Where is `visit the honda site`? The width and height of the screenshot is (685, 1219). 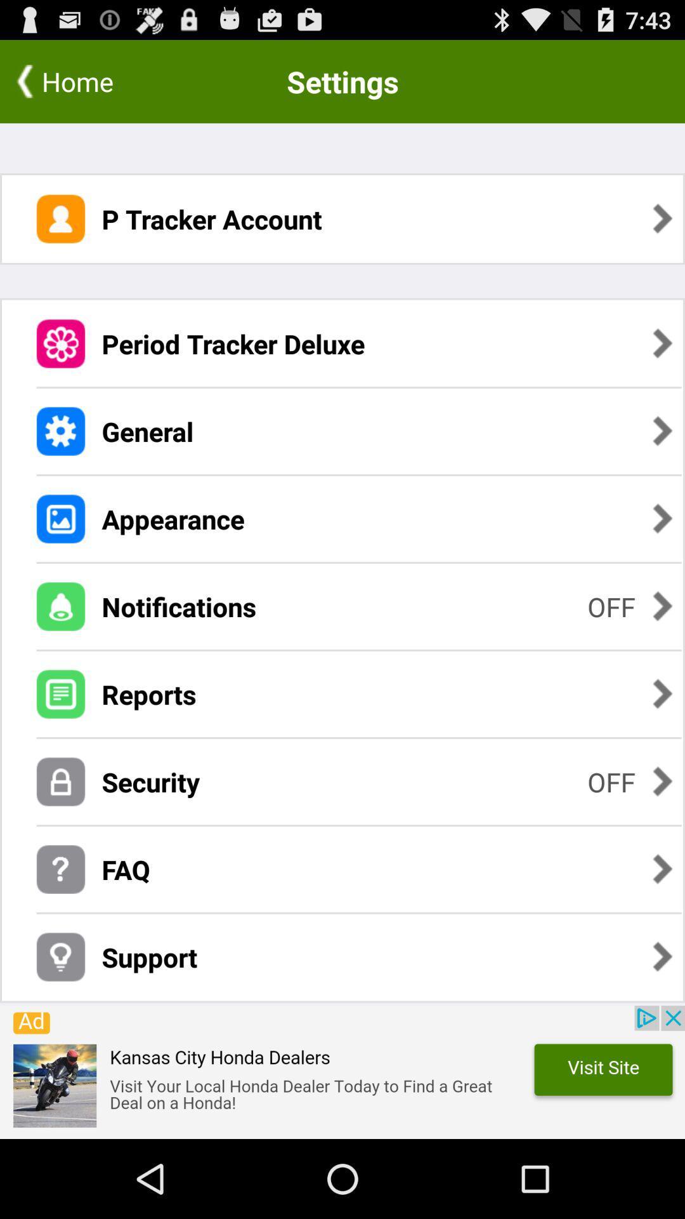
visit the honda site is located at coordinates (342, 1072).